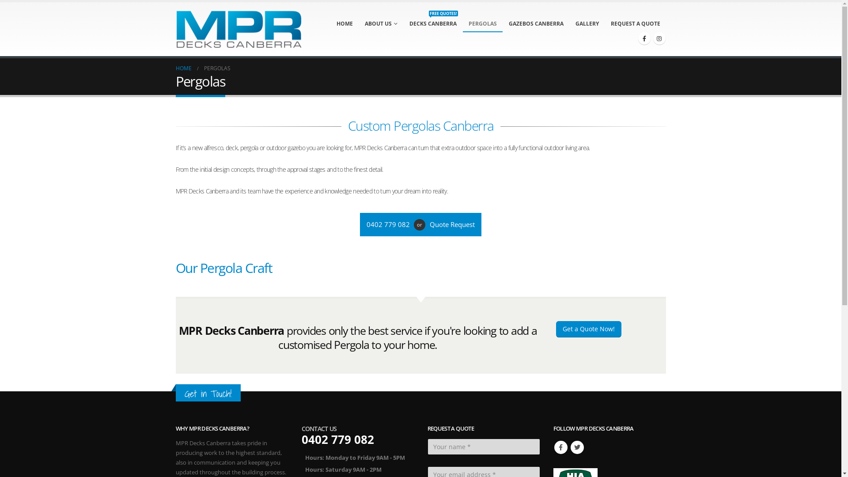  I want to click on 'REQUEST A QUOTE', so click(635, 23).